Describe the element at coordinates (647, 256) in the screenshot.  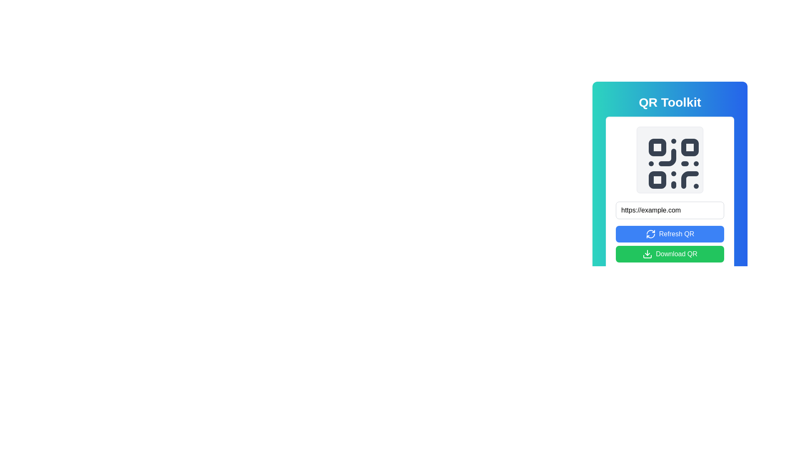
I see `the rectangular download icon located slightly above the 'Download QR' button label text` at that location.